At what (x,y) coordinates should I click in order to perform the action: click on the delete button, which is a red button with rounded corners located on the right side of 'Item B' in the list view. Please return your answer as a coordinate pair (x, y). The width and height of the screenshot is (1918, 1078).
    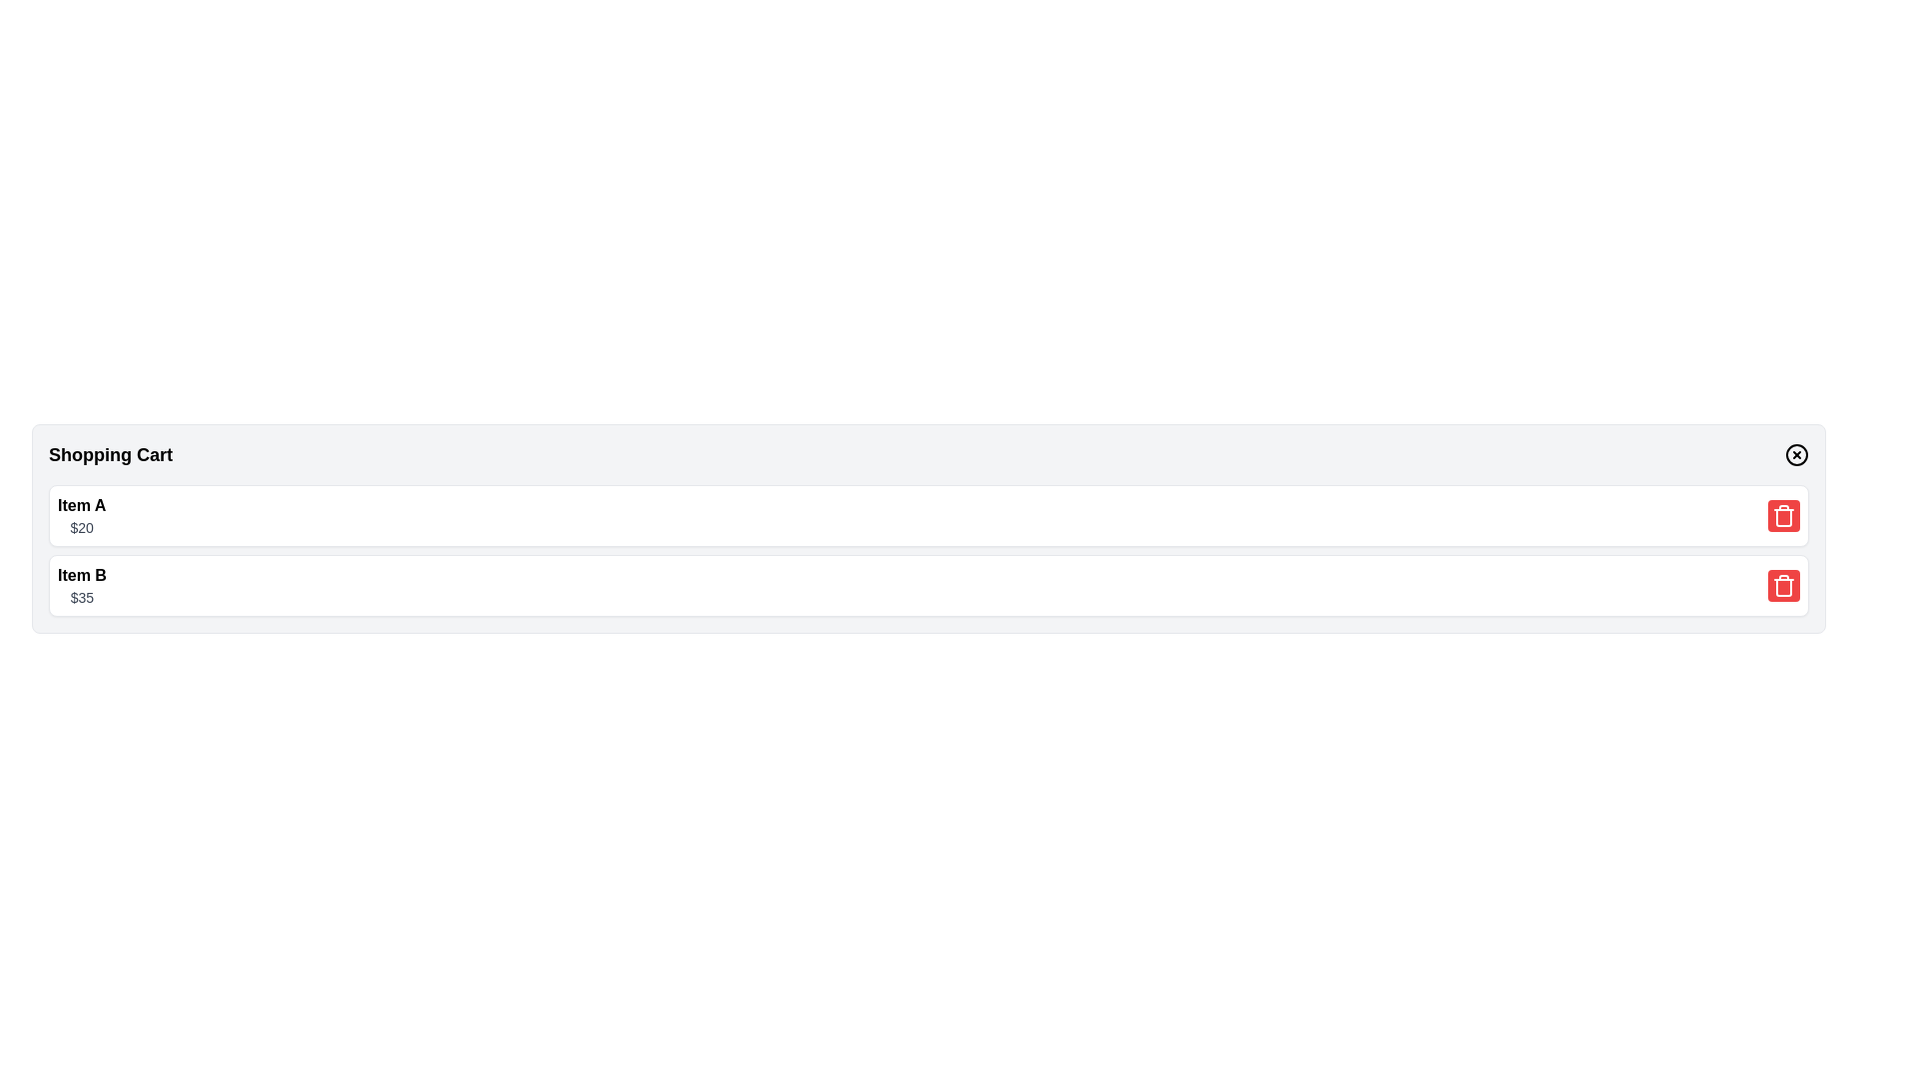
    Looking at the image, I should click on (1783, 584).